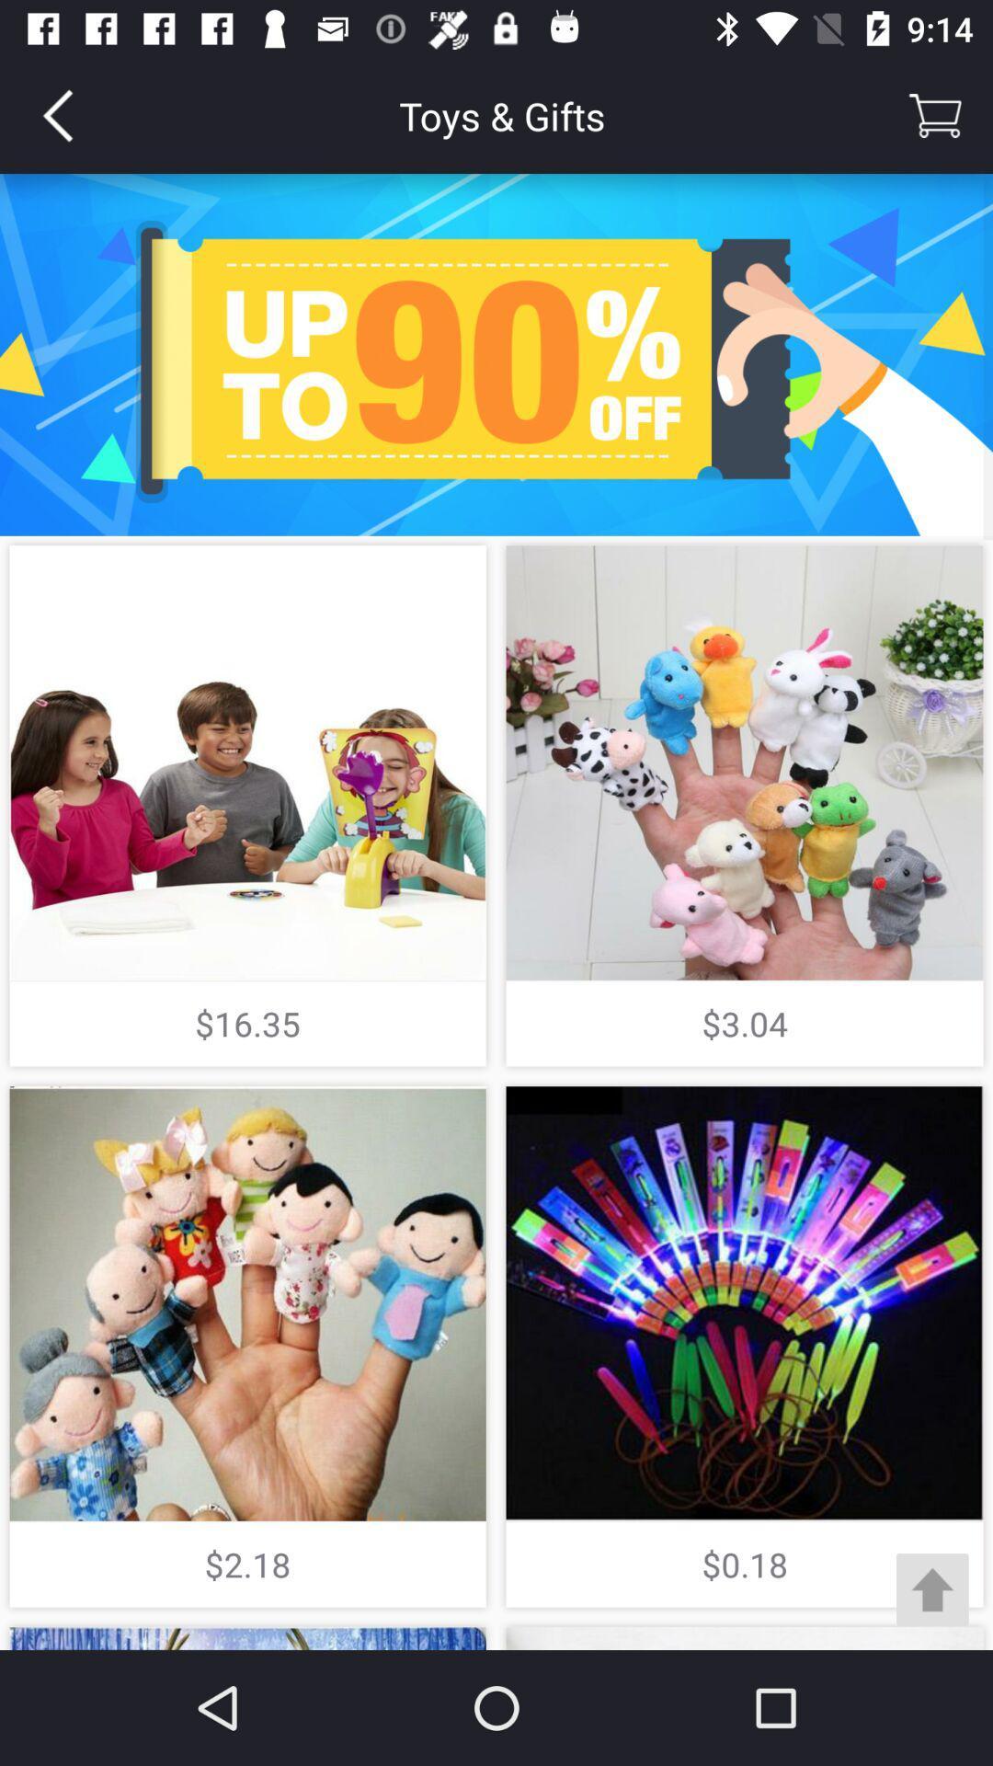 Image resolution: width=993 pixels, height=1766 pixels. Describe the element at coordinates (935, 114) in the screenshot. I see `the cart icon` at that location.